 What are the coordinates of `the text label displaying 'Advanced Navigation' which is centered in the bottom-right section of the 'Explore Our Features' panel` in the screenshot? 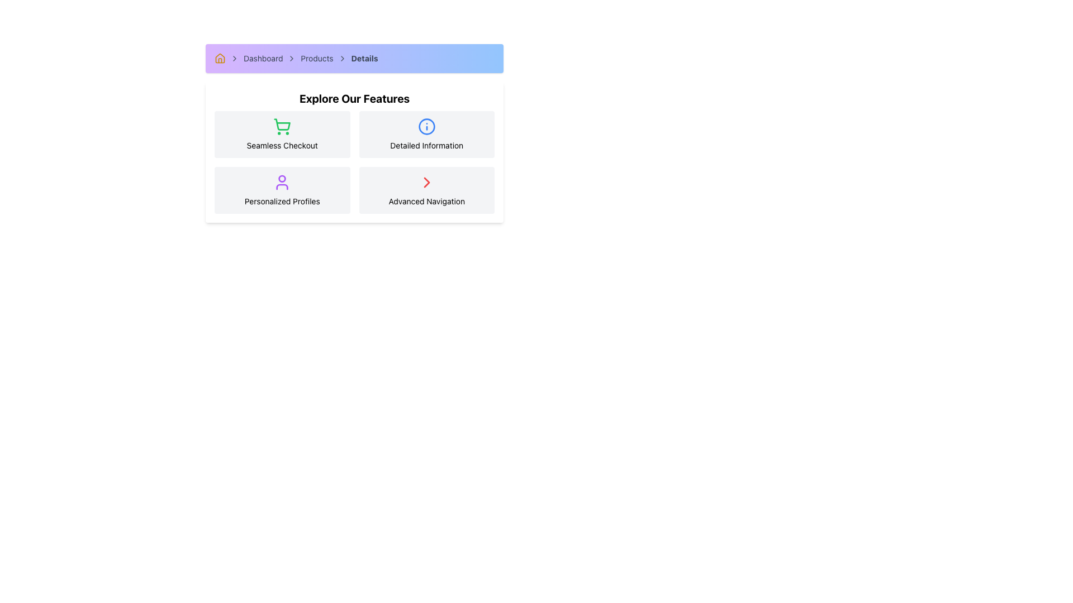 It's located at (426, 202).